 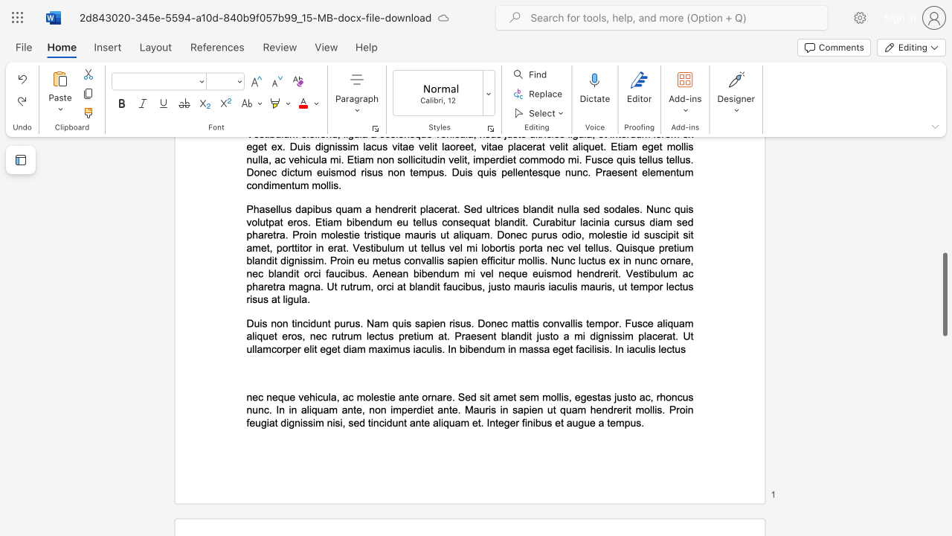 What do you see at coordinates (309, 349) in the screenshot?
I see `the subset text "lit eget diam maximus iaculis. In bibendum in massa" within the text "Duis non tincidunt purus. Nam quis sapien risus. Donec mattis convallis tempor. Fusce aliquam aliquet eros, nec rutrum lectus pretium at. Praesent blandit justo a mi dignissim placerat. Ut ullamcorper elit eget diam maximus iaculis. In bibendum in massa eget facilisis. In iaculis lectus"` at bounding box center [309, 349].